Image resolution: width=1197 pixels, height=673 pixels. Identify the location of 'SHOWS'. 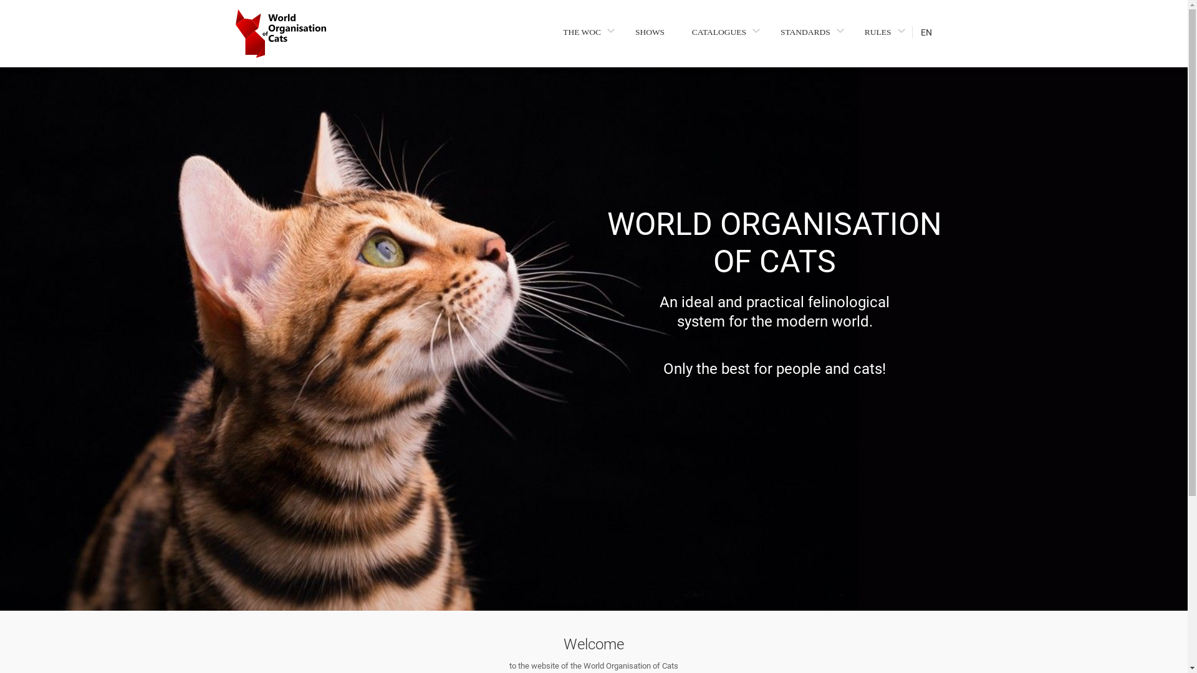
(649, 31).